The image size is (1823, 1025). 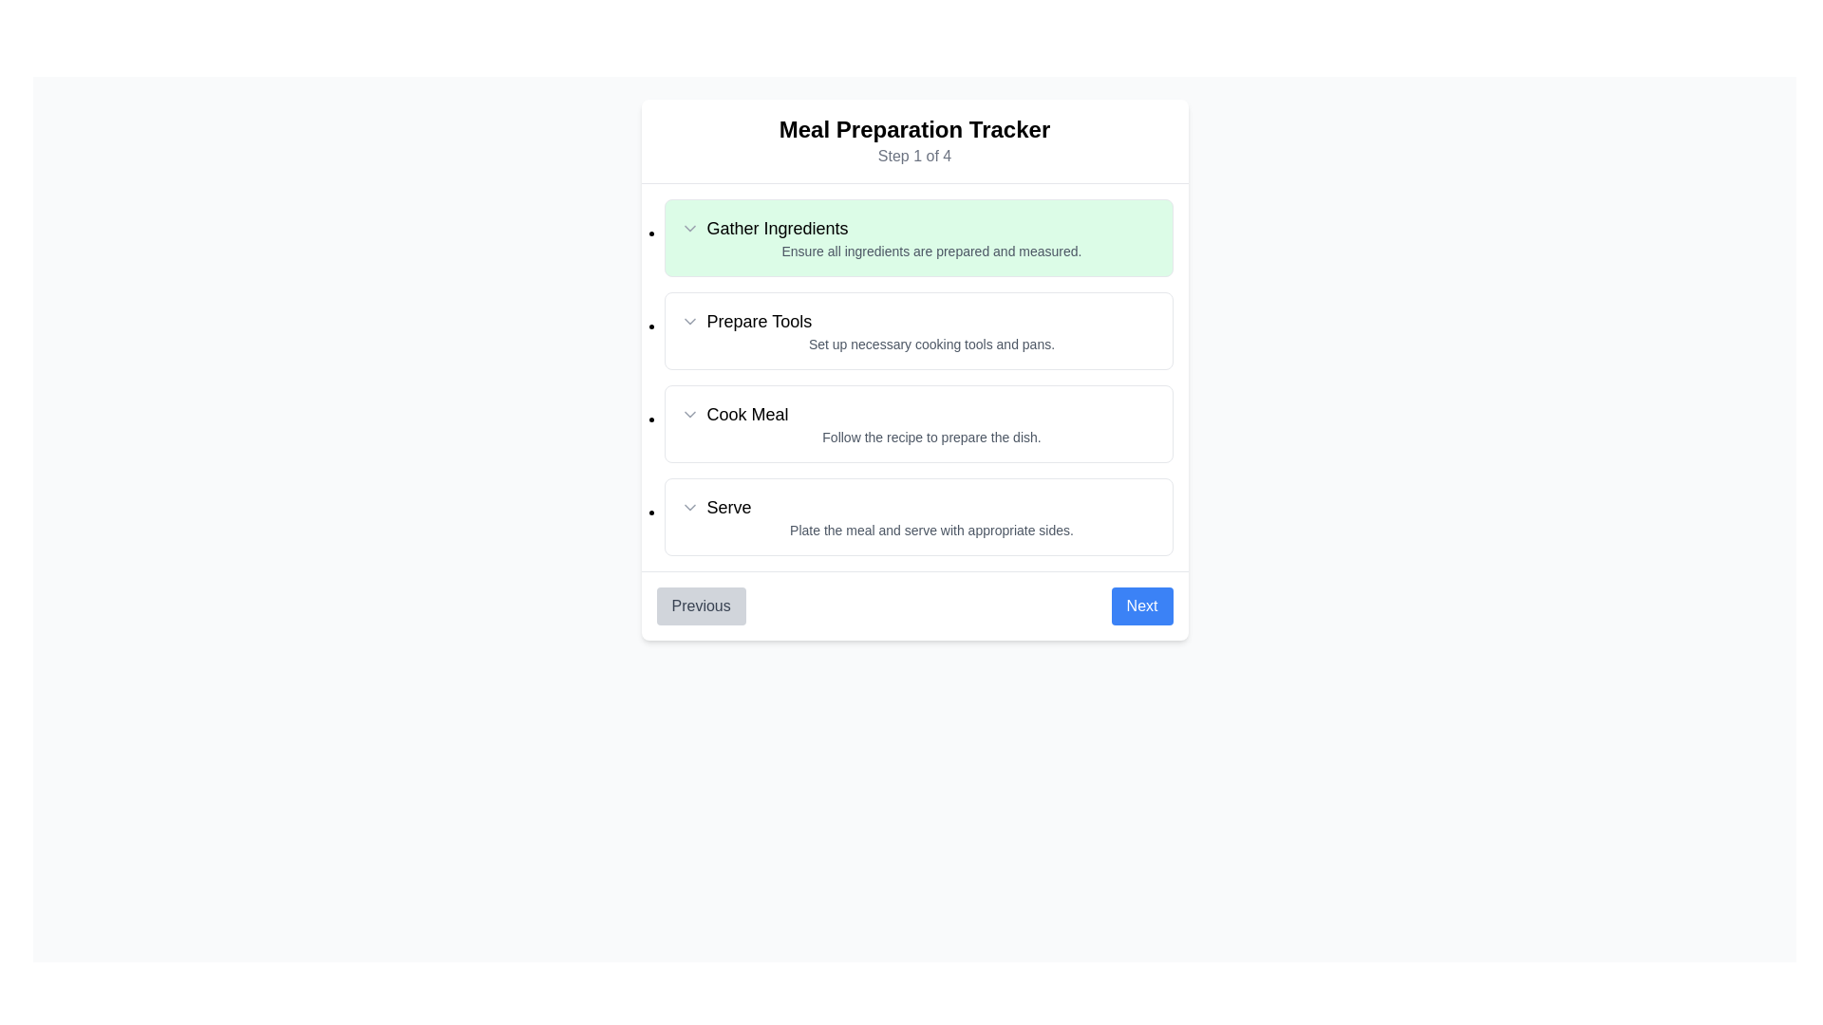 I want to click on instructions from the informational card titled 'Gather Ingredients', which is the first entry in the vertical list of steps, so click(x=918, y=236).